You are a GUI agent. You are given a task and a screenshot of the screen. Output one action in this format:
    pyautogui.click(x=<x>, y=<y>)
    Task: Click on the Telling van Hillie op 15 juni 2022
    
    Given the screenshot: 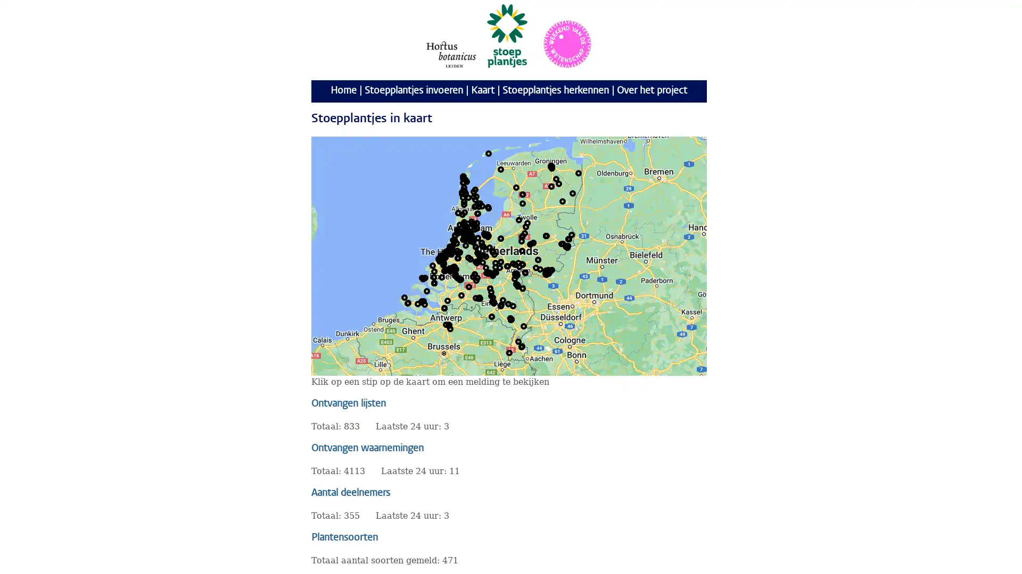 What is the action you would take?
    pyautogui.click(x=526, y=225)
    